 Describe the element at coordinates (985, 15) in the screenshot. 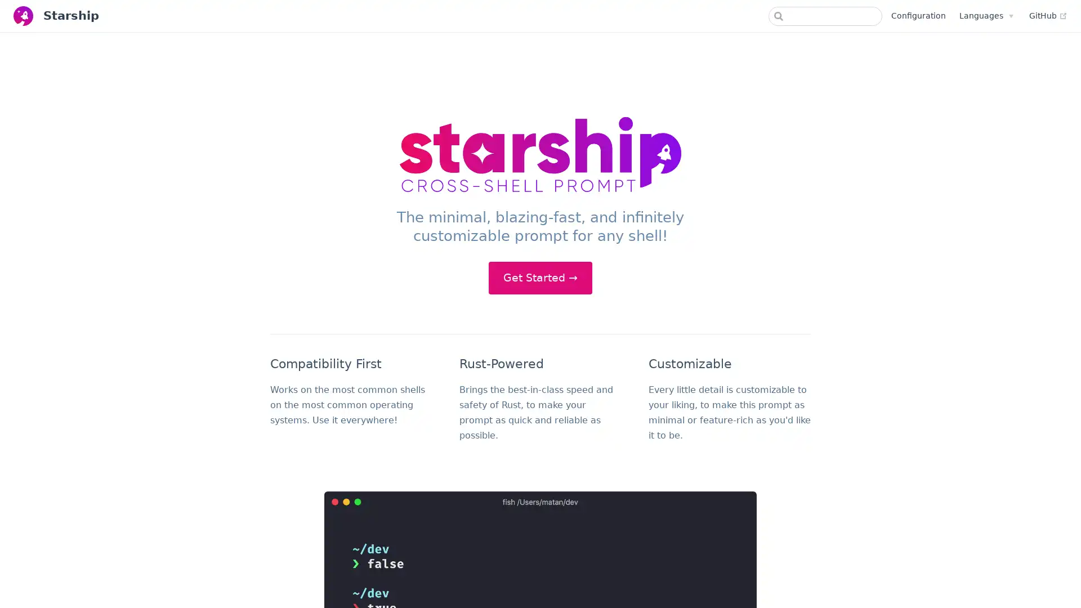

I see `Select language` at that location.